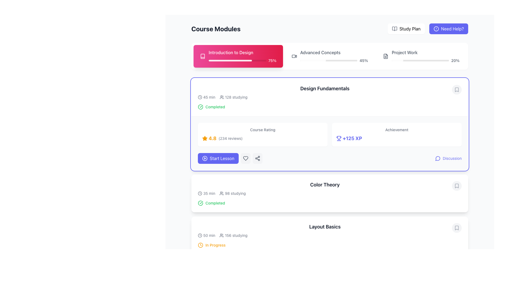  Describe the element at coordinates (420, 60) in the screenshot. I see `the background track of the progress bar located in the 'Project Work' section, positioned horizontally and aligned under its title` at that location.